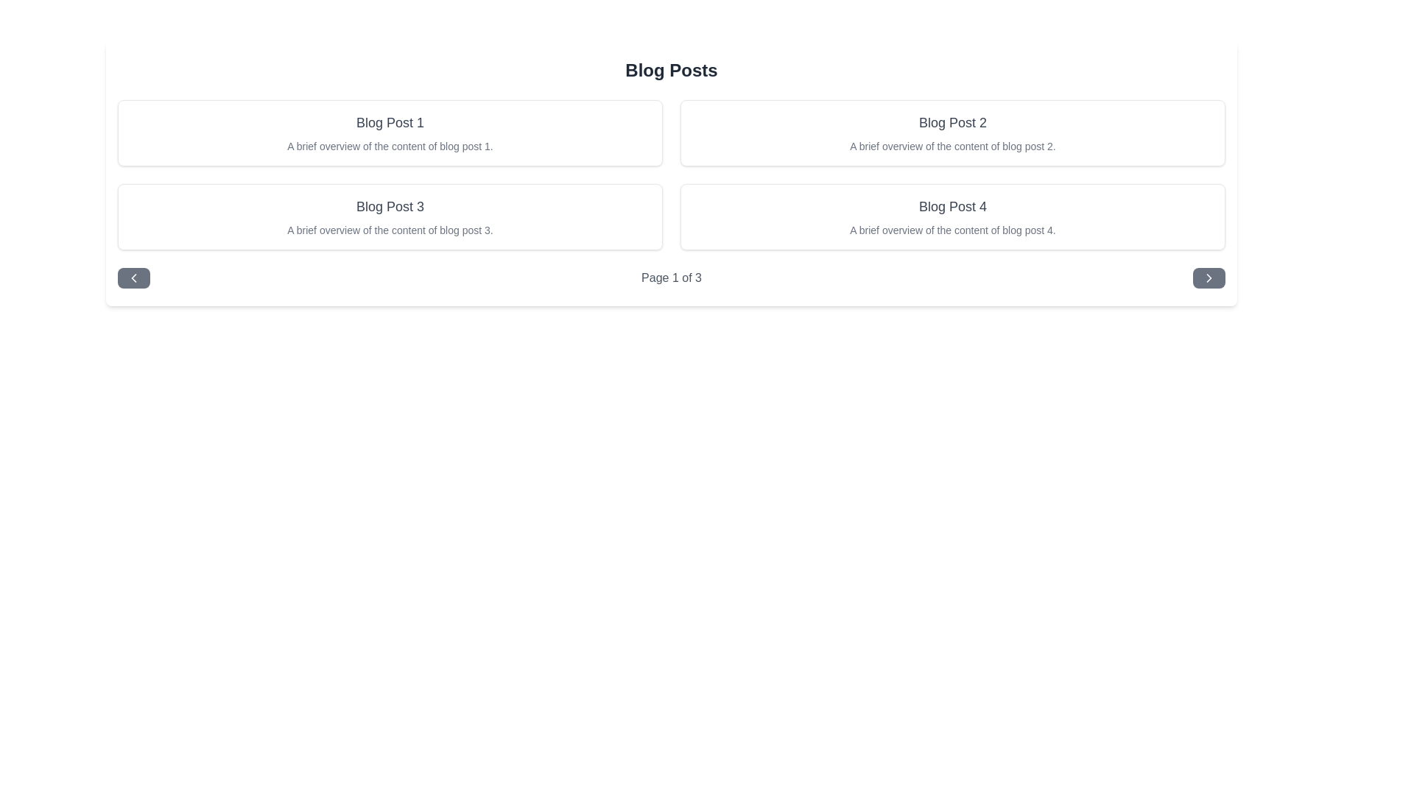 The width and height of the screenshot is (1414, 795). Describe the element at coordinates (390, 146) in the screenshot. I see `the text label that provides a descriptive summary for the blog post titled 'Blog Post 1', located below the title within the top-left card of a grid layout` at that location.